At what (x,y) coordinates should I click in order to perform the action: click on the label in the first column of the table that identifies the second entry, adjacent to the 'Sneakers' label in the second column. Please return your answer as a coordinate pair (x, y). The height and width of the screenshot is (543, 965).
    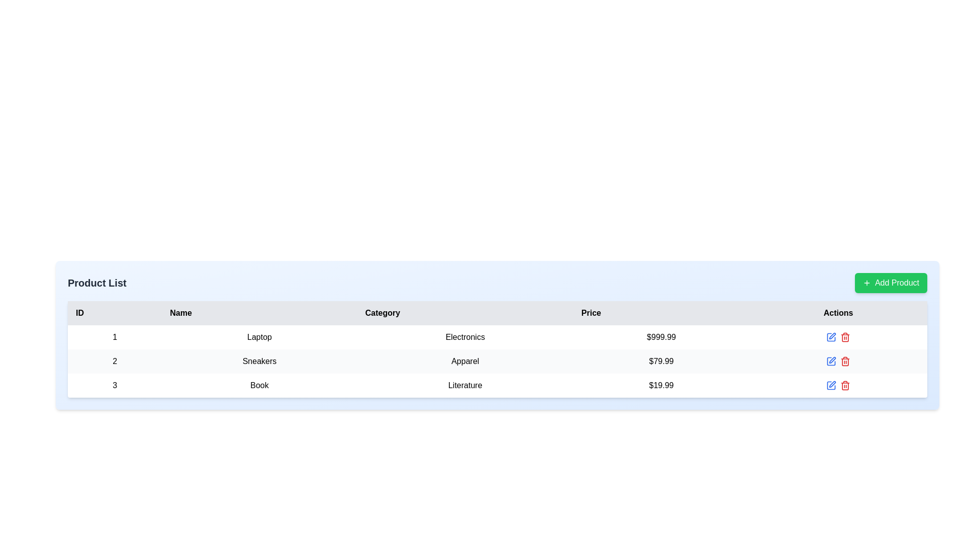
    Looking at the image, I should click on (115, 360).